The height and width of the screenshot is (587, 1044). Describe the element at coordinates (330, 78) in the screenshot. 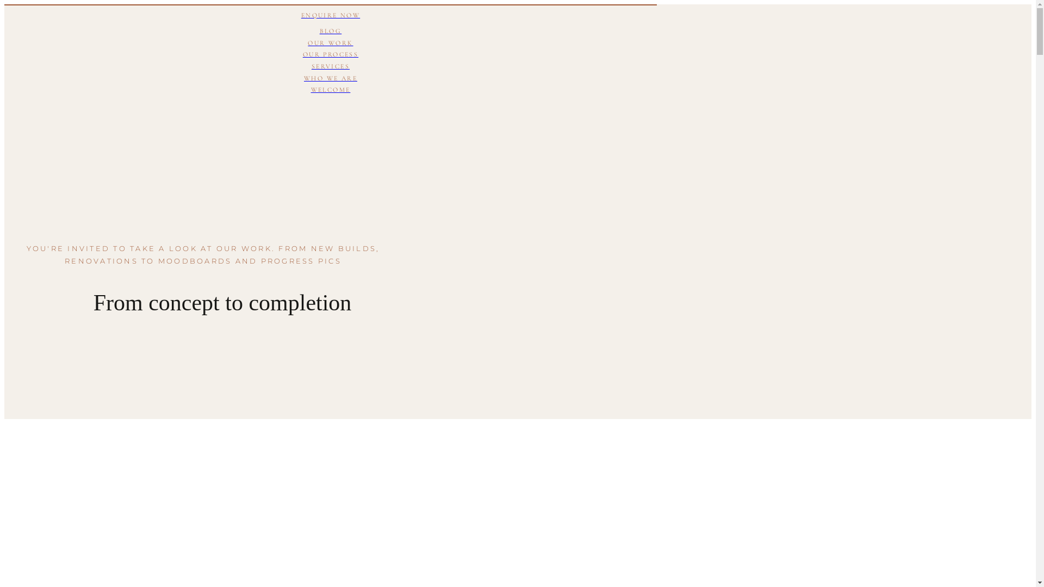

I see `'WHO WE ARE'` at that location.